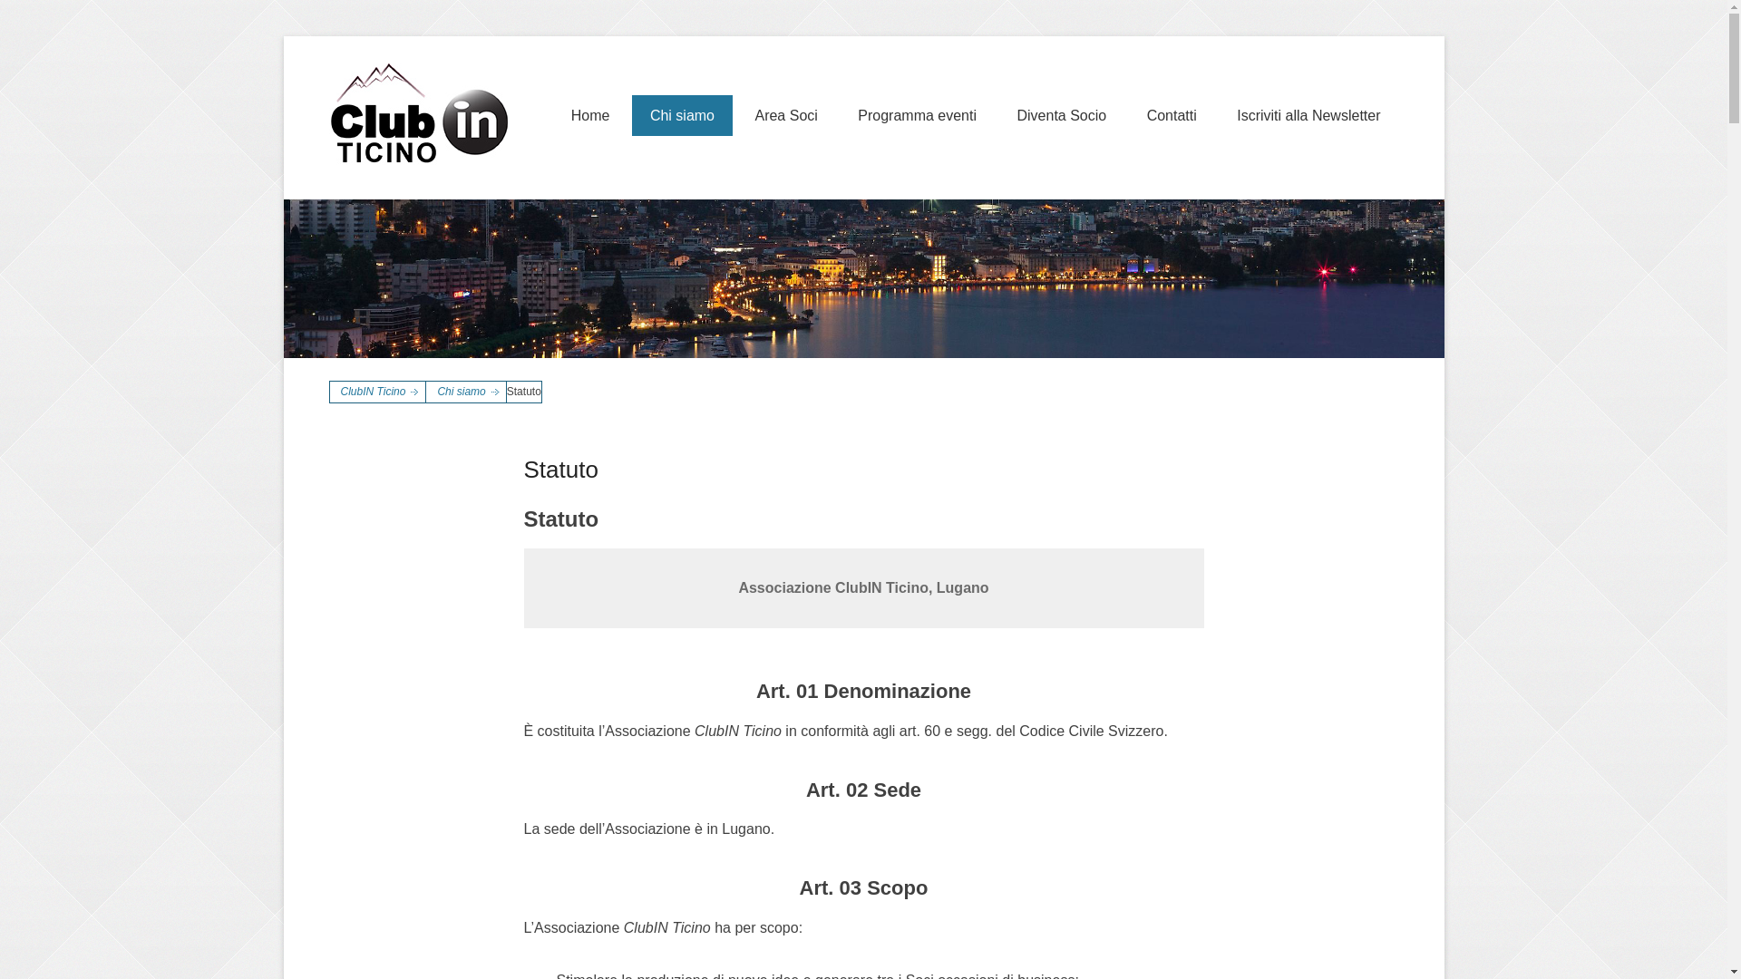 The width and height of the screenshot is (1741, 979). I want to click on 'Diventa Socio', so click(997, 115).